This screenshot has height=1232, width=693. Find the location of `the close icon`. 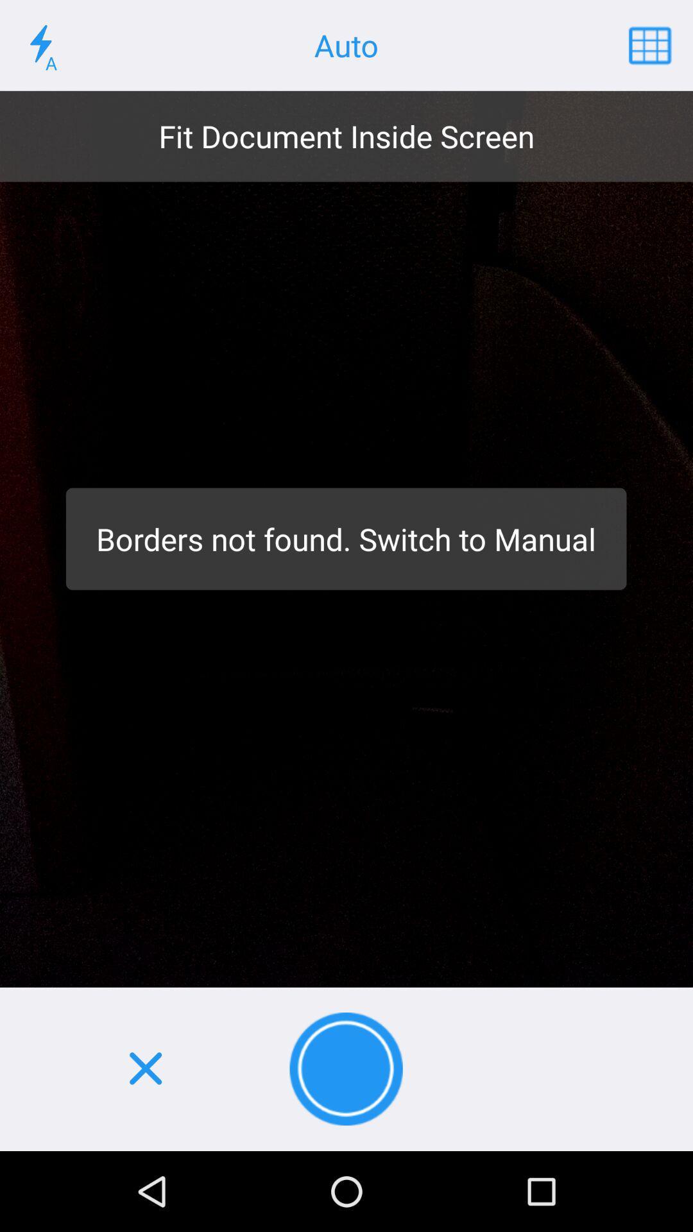

the close icon is located at coordinates (144, 1069).